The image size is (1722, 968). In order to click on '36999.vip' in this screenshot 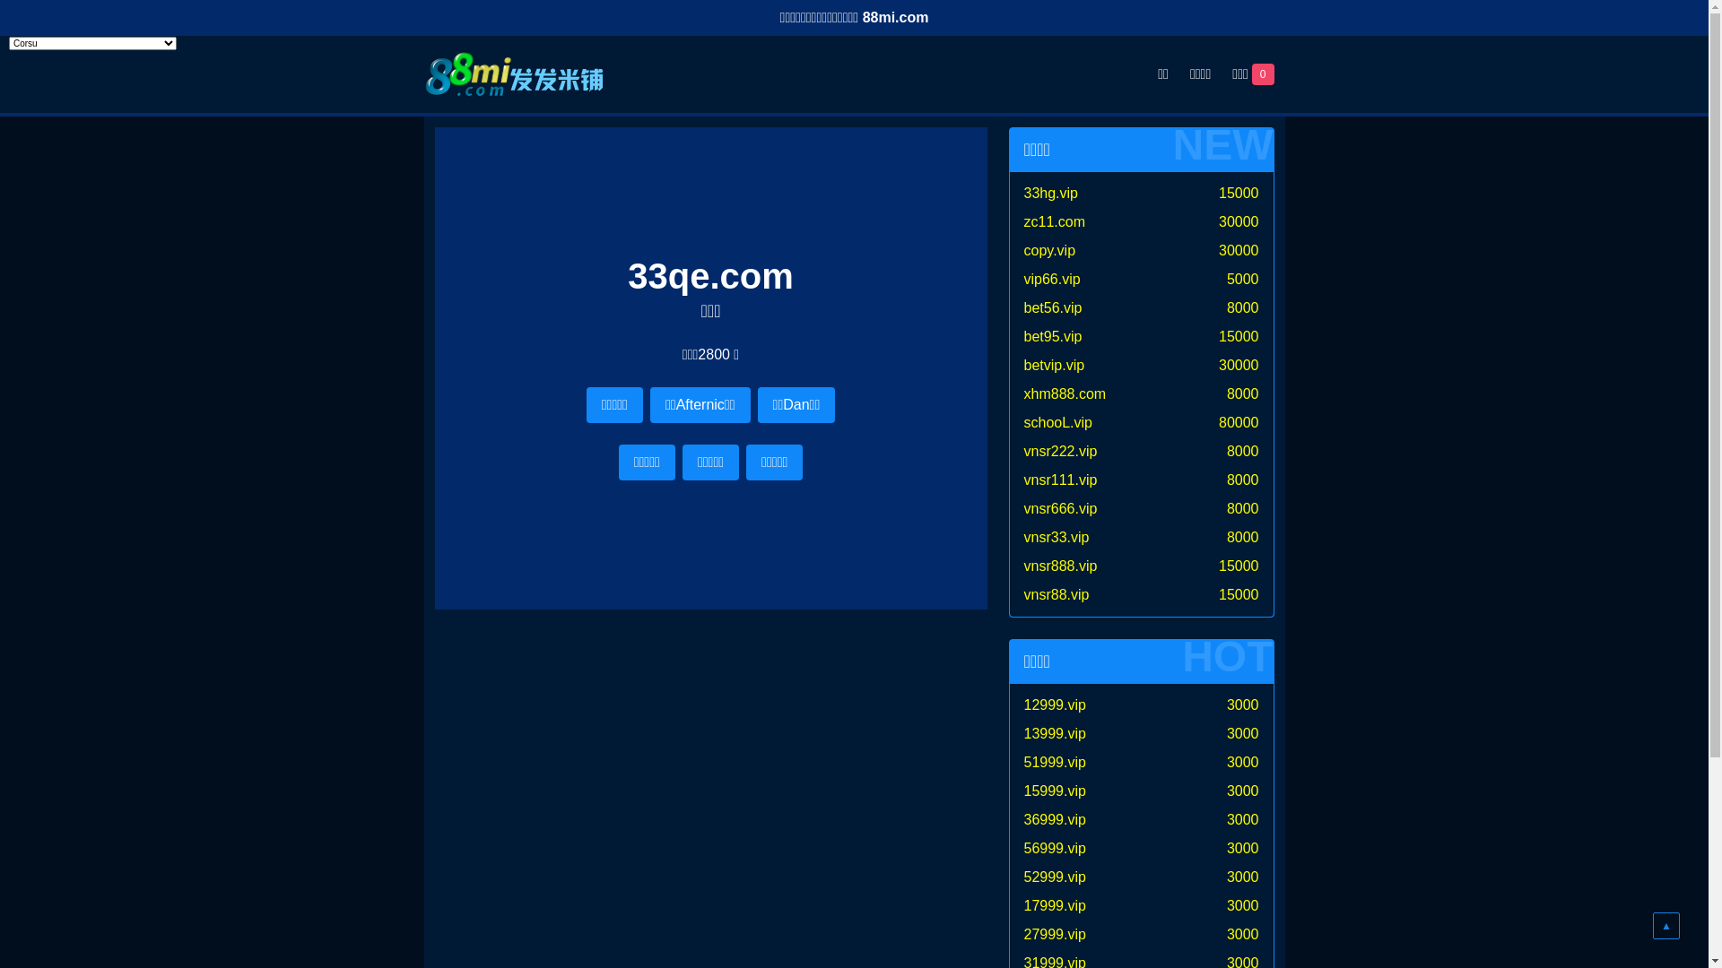, I will do `click(1055, 819)`.